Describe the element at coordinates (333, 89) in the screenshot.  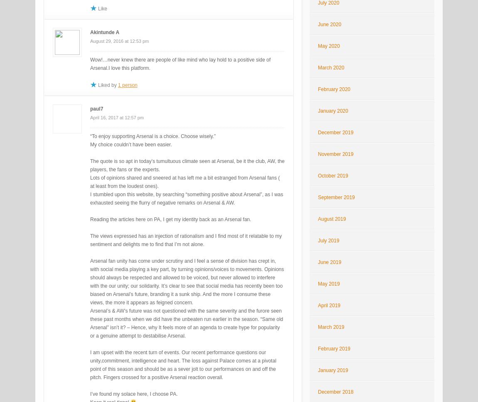
I see `'February 2020'` at that location.